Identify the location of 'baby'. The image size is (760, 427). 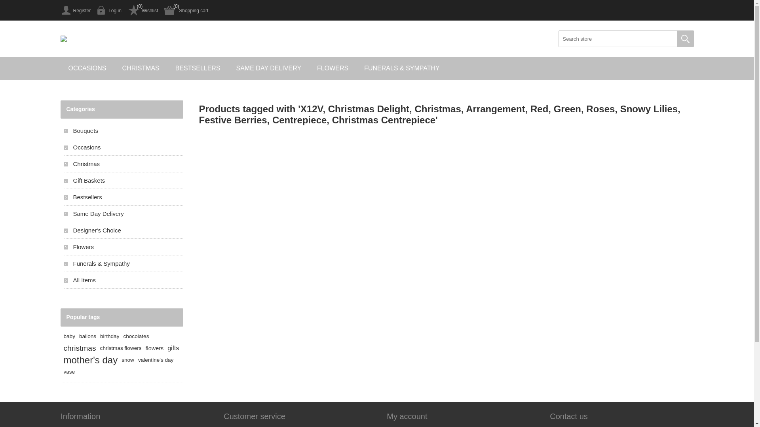
(69, 336).